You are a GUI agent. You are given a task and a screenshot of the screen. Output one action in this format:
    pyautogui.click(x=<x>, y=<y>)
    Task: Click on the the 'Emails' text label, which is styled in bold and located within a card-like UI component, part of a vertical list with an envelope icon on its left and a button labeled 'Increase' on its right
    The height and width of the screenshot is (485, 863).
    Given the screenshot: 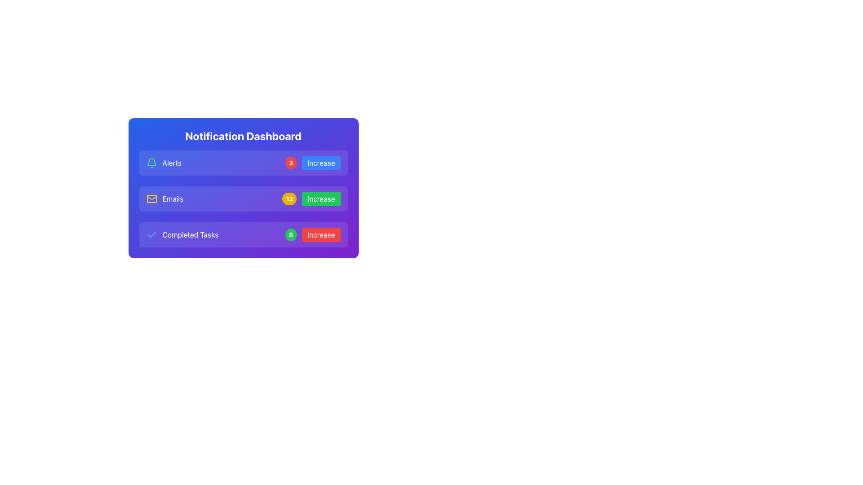 What is the action you would take?
    pyautogui.click(x=165, y=198)
    